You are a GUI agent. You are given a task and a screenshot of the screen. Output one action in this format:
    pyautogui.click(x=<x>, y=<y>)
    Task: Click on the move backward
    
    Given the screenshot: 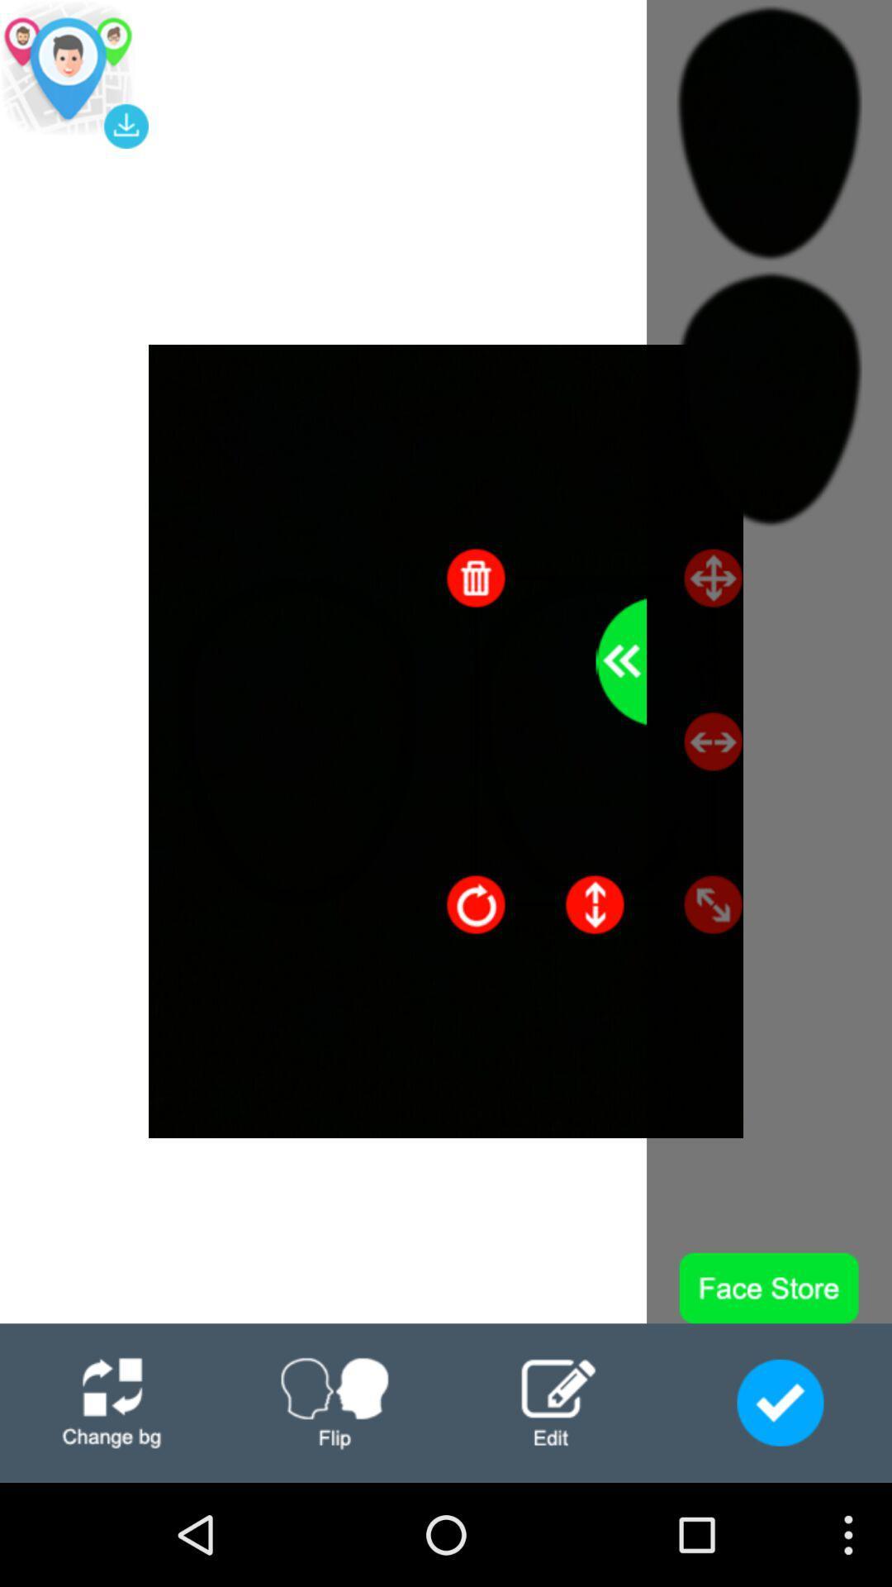 What is the action you would take?
    pyautogui.click(x=621, y=661)
    